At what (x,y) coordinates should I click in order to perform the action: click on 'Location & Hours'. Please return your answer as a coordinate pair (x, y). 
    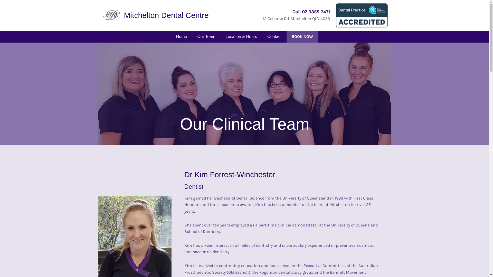
    Looking at the image, I should click on (220, 36).